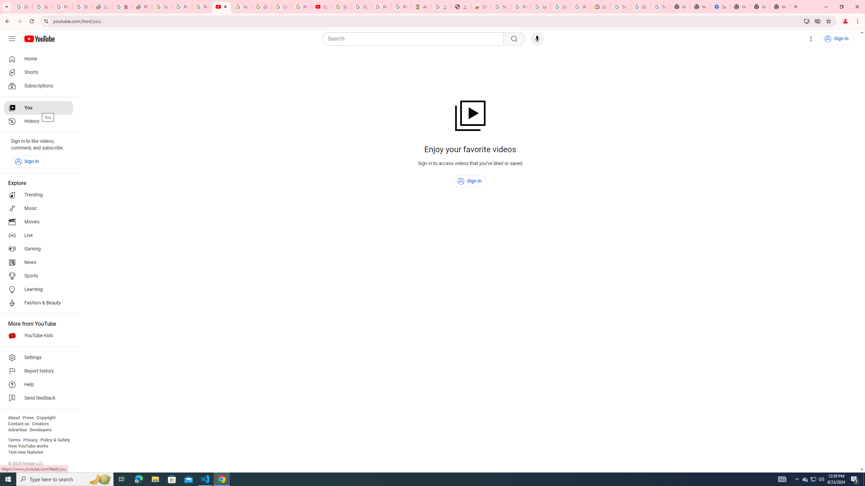 This screenshot has width=865, height=486. I want to click on 'Home', so click(38, 58).